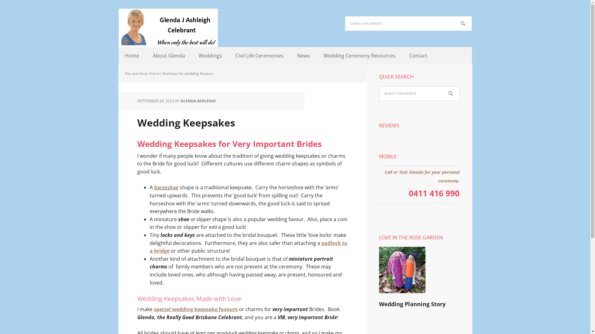  I want to click on 'Home', so click(131, 56).